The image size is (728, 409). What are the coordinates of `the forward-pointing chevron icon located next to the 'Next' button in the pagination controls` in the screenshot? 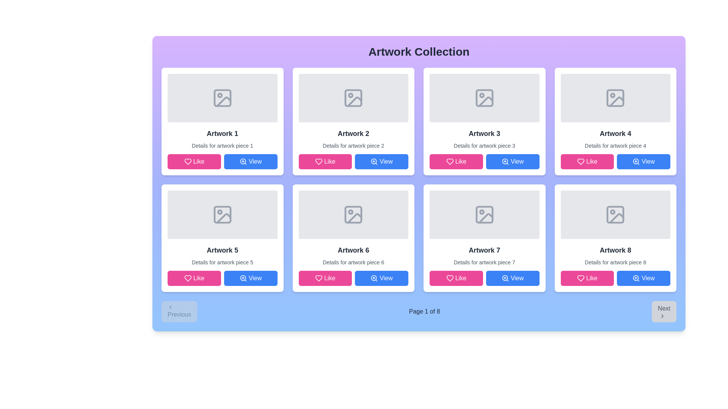 It's located at (662, 316).